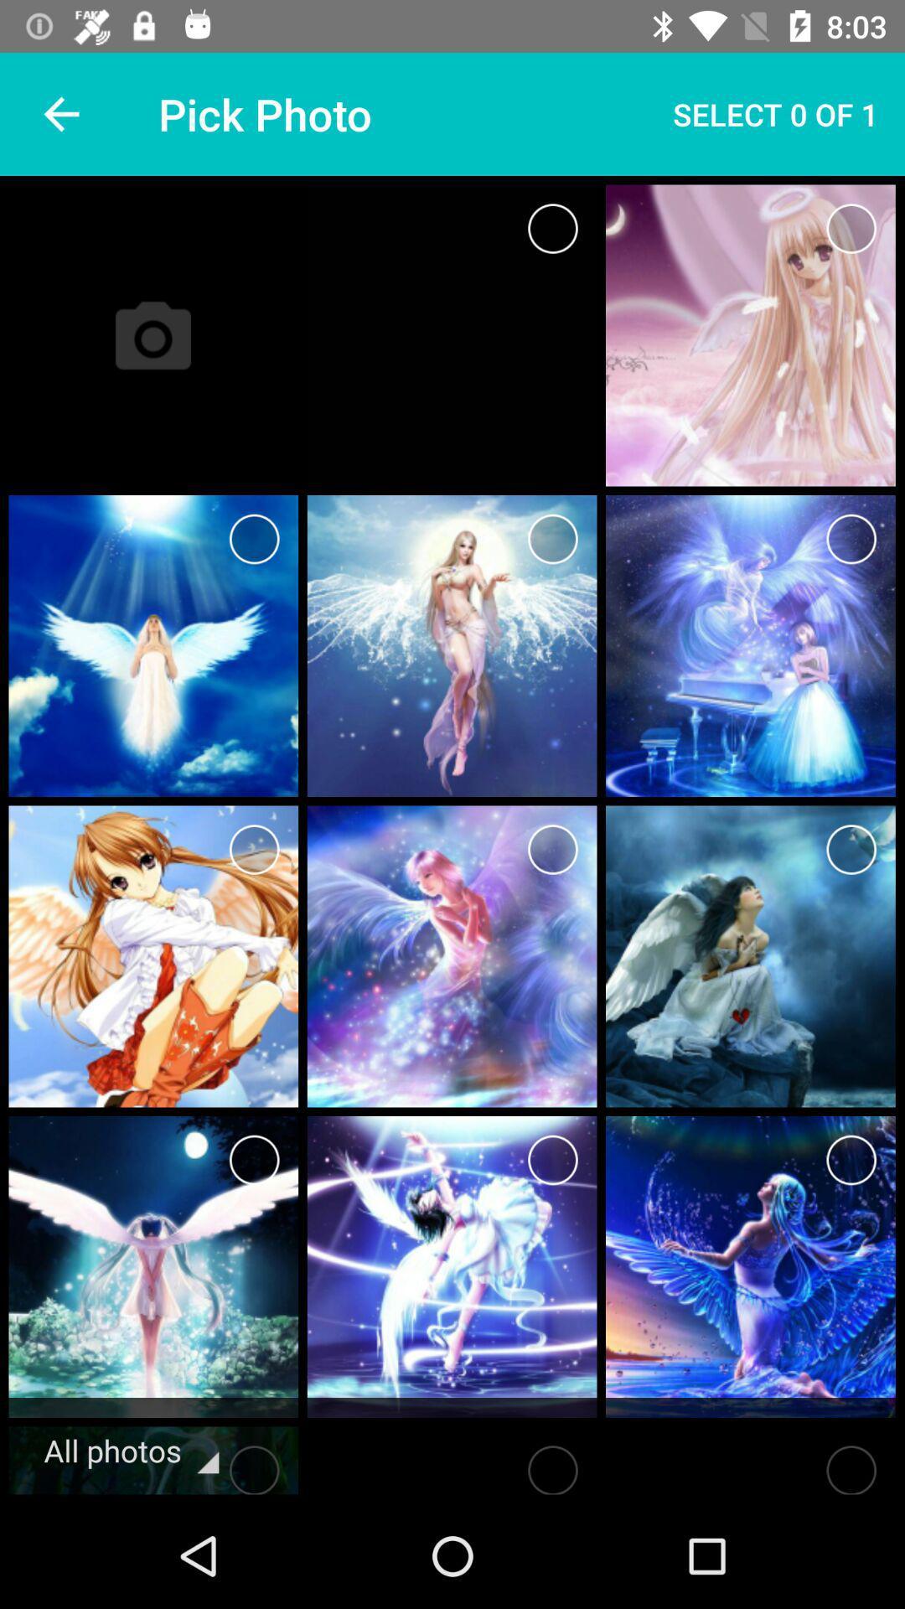 This screenshot has width=905, height=1609. What do you see at coordinates (254, 1464) in the screenshot?
I see `all photos` at bounding box center [254, 1464].